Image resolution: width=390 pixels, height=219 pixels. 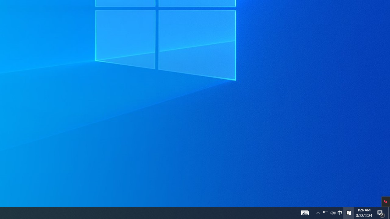 I want to click on 'AutomationID: 4105', so click(x=305, y=212).